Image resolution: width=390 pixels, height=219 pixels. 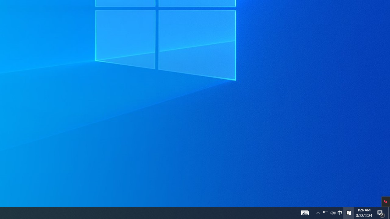 I want to click on 'AutomationID: 4105', so click(x=305, y=212).